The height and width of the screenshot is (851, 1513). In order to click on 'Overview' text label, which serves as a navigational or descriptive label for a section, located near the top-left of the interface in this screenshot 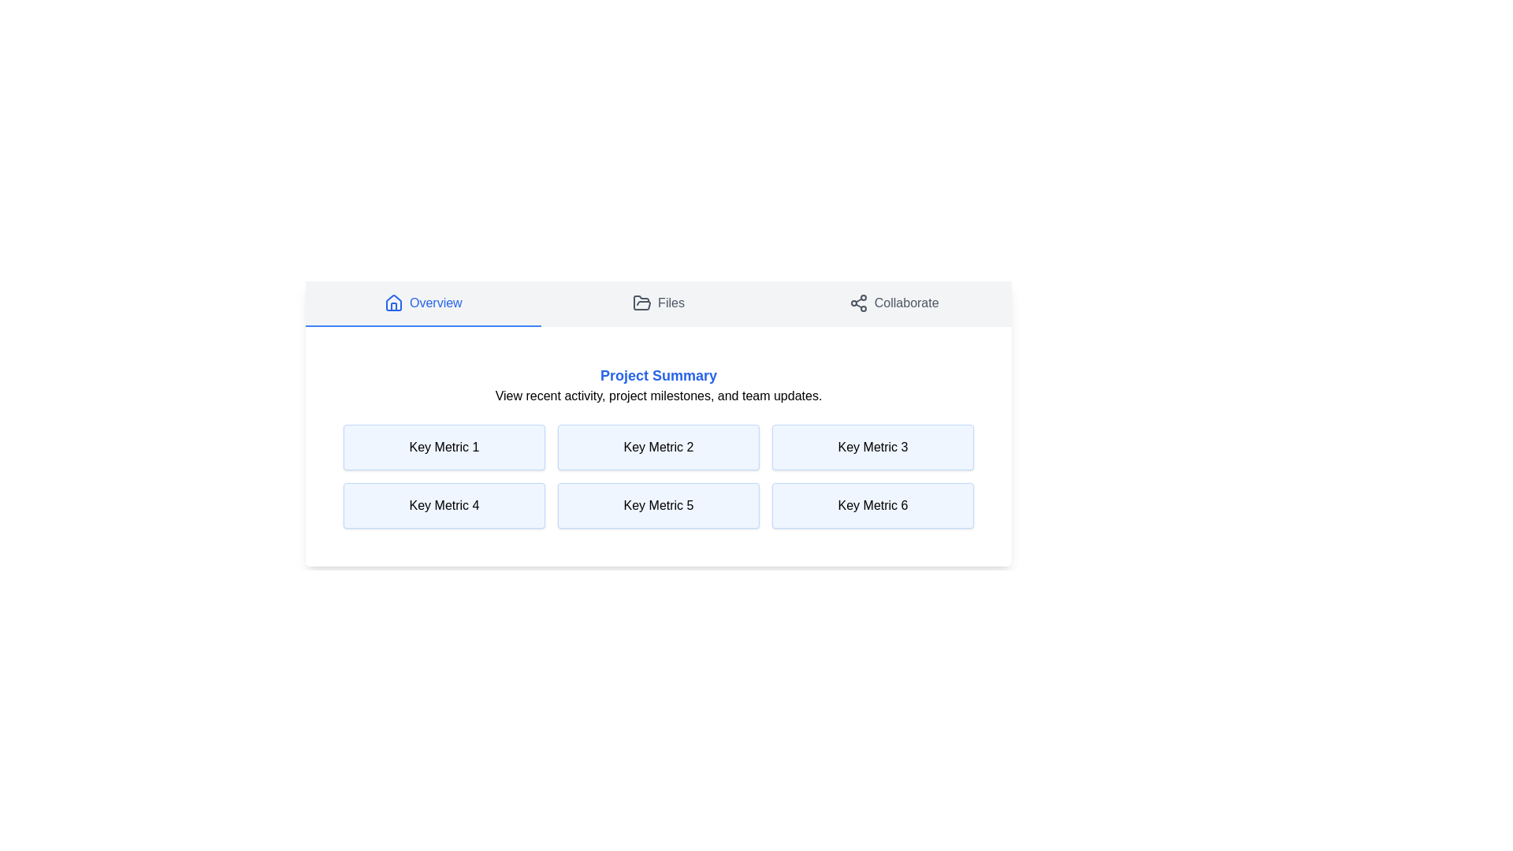, I will do `click(436, 303)`.